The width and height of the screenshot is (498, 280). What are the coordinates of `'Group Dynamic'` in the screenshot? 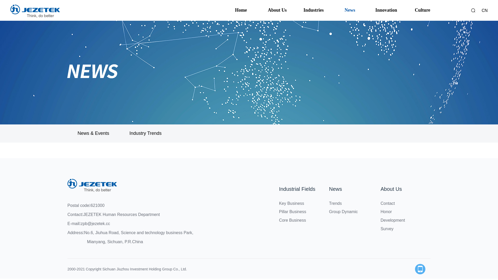 It's located at (343, 212).